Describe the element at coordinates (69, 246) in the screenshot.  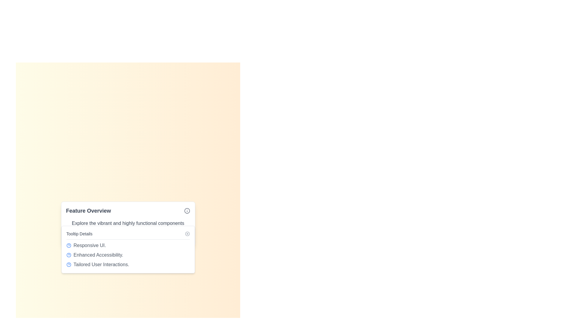
I see `the central circular portion of the help icon, which has a blue outline and filled blue color, located below the heading 'Feature Overview'` at that location.